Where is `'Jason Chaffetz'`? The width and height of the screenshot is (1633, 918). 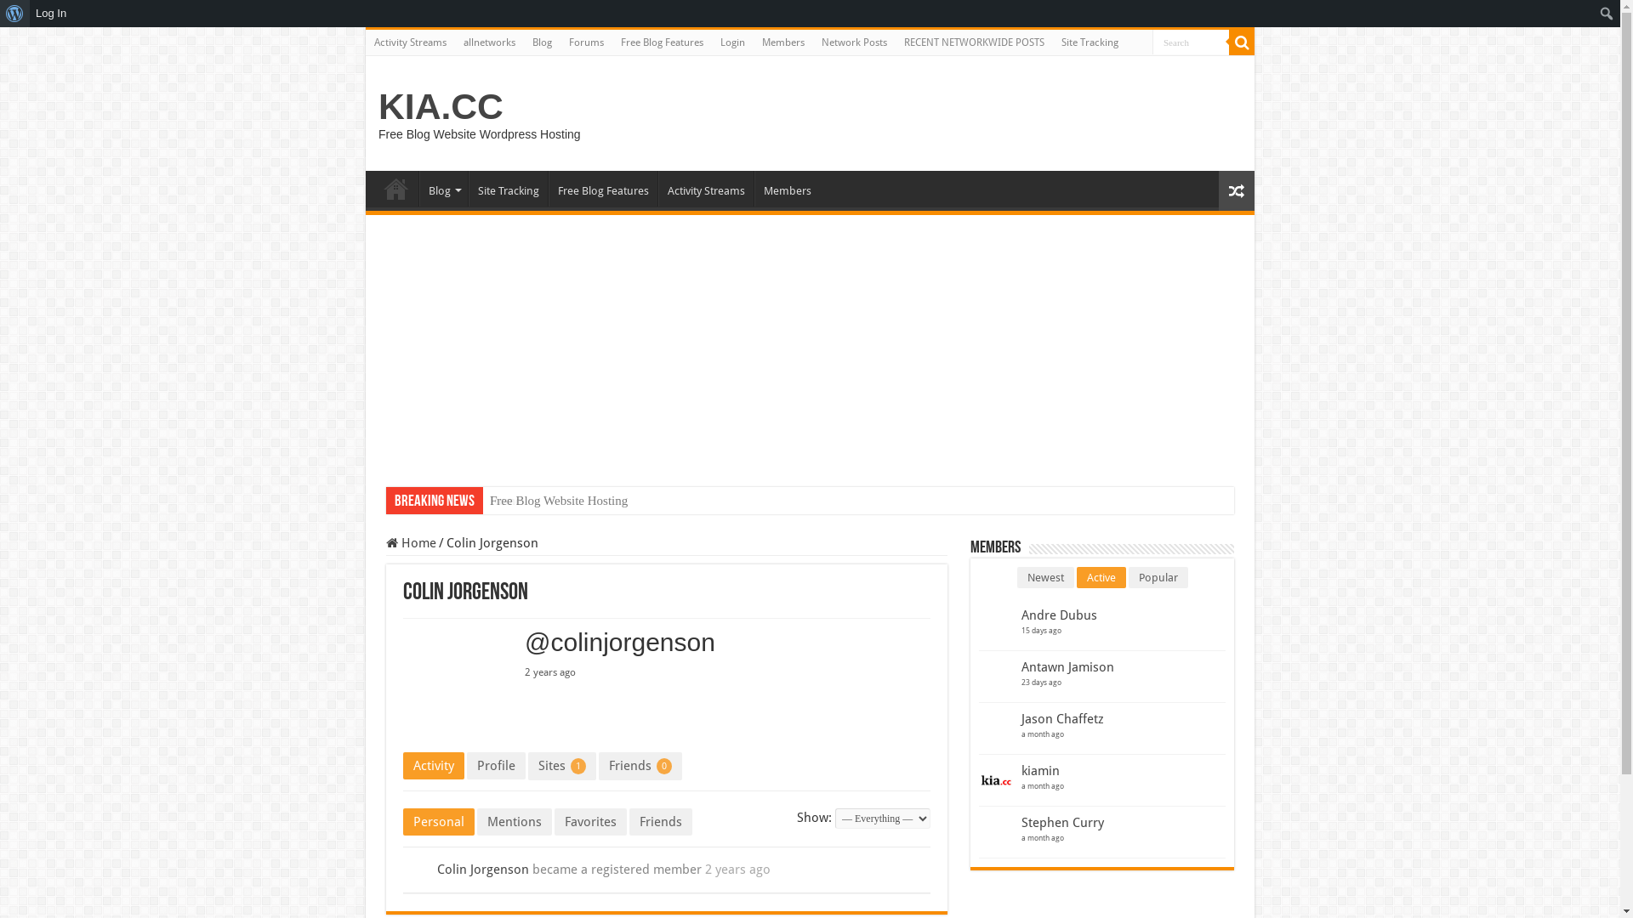
'Jason Chaffetz' is located at coordinates (1061, 718).